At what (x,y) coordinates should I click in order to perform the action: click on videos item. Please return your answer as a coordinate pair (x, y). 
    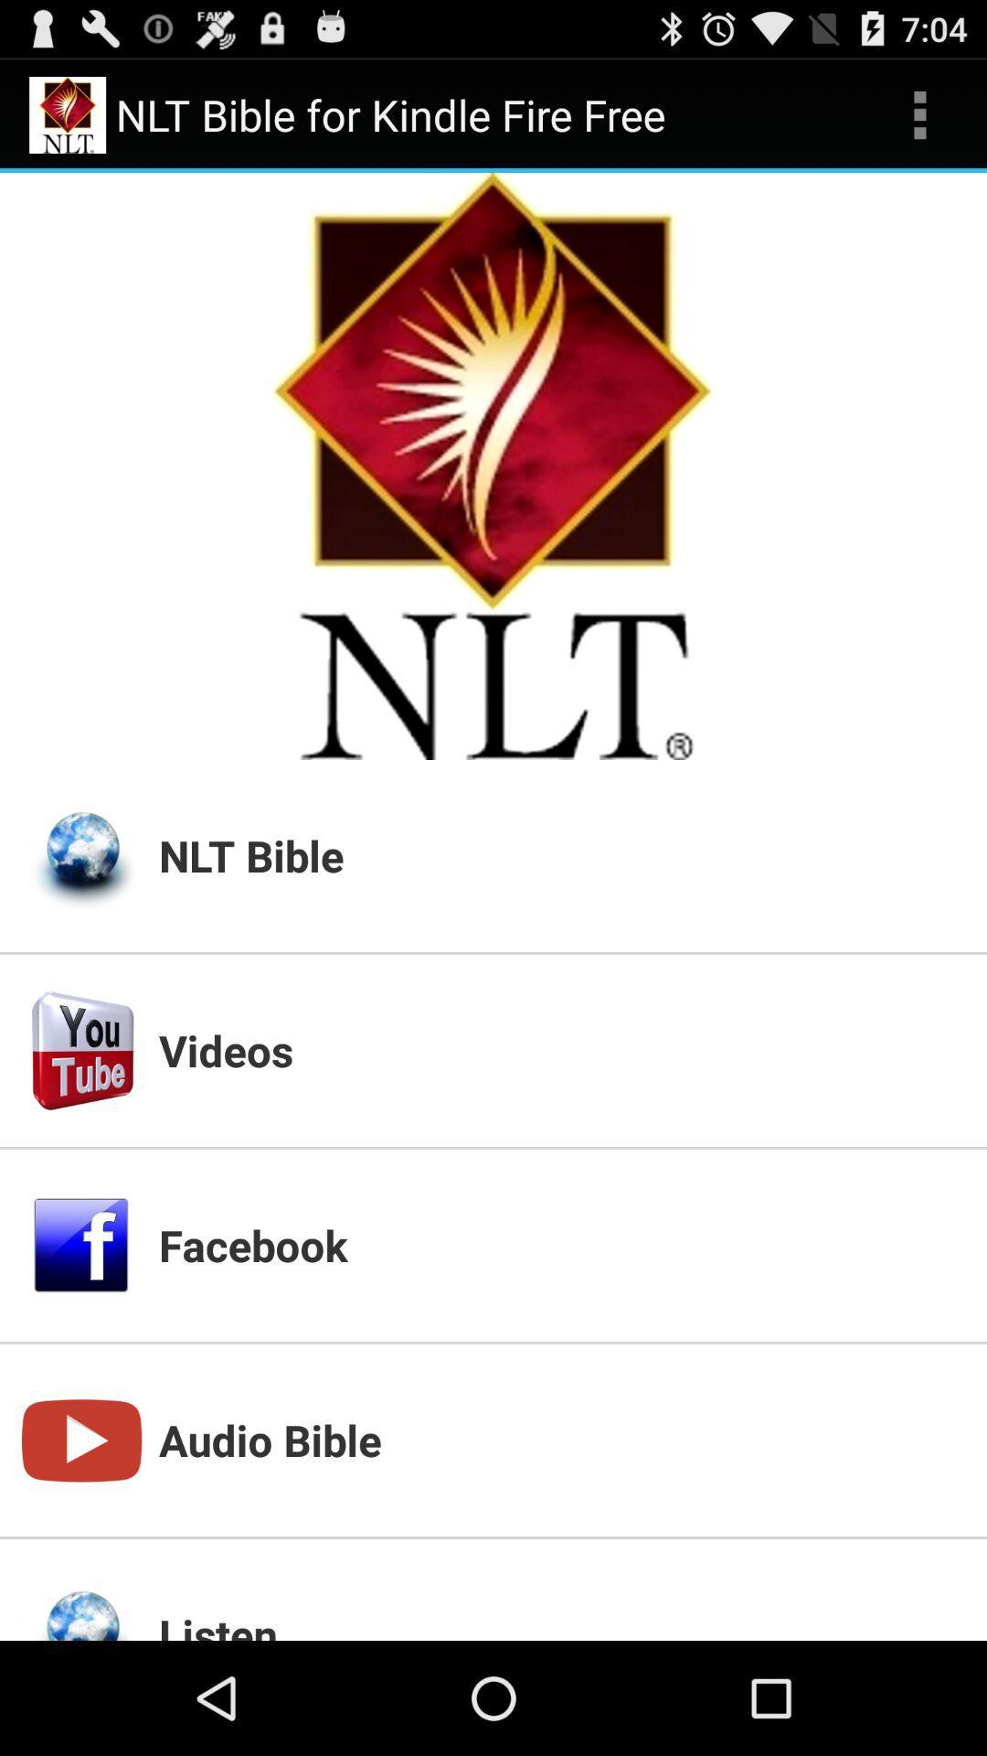
    Looking at the image, I should click on (560, 1050).